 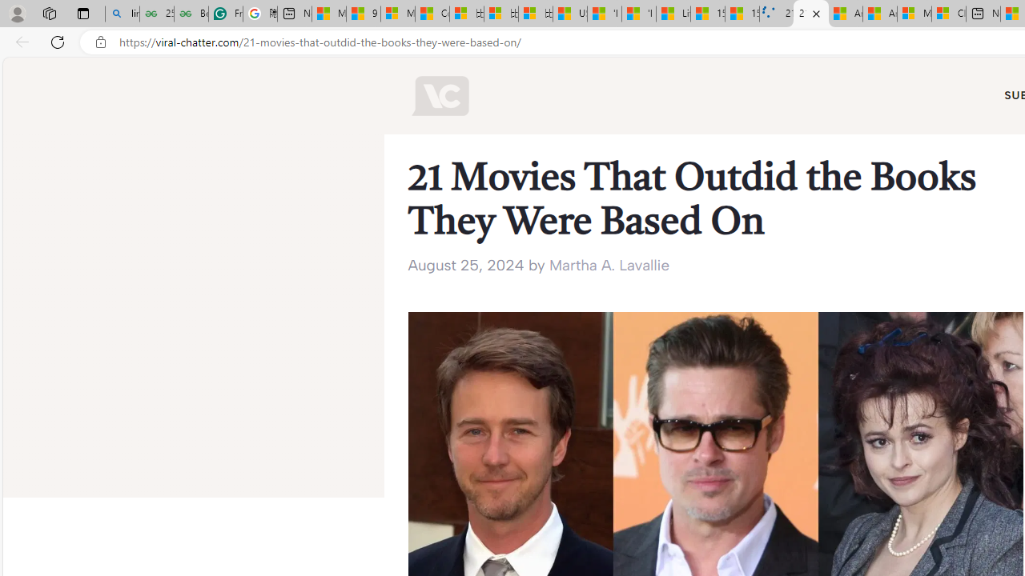 What do you see at coordinates (948, 14) in the screenshot?
I see `'Cloud Computing Services | Microsoft Azure'` at bounding box center [948, 14].